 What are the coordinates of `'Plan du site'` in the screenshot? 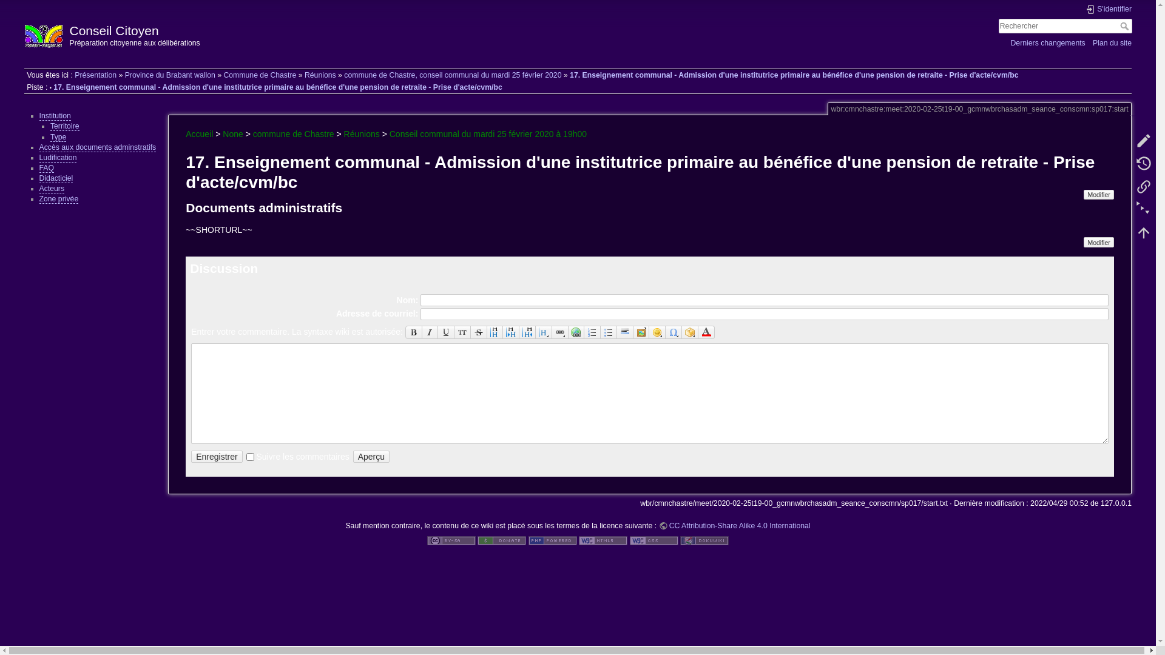 It's located at (1112, 42).